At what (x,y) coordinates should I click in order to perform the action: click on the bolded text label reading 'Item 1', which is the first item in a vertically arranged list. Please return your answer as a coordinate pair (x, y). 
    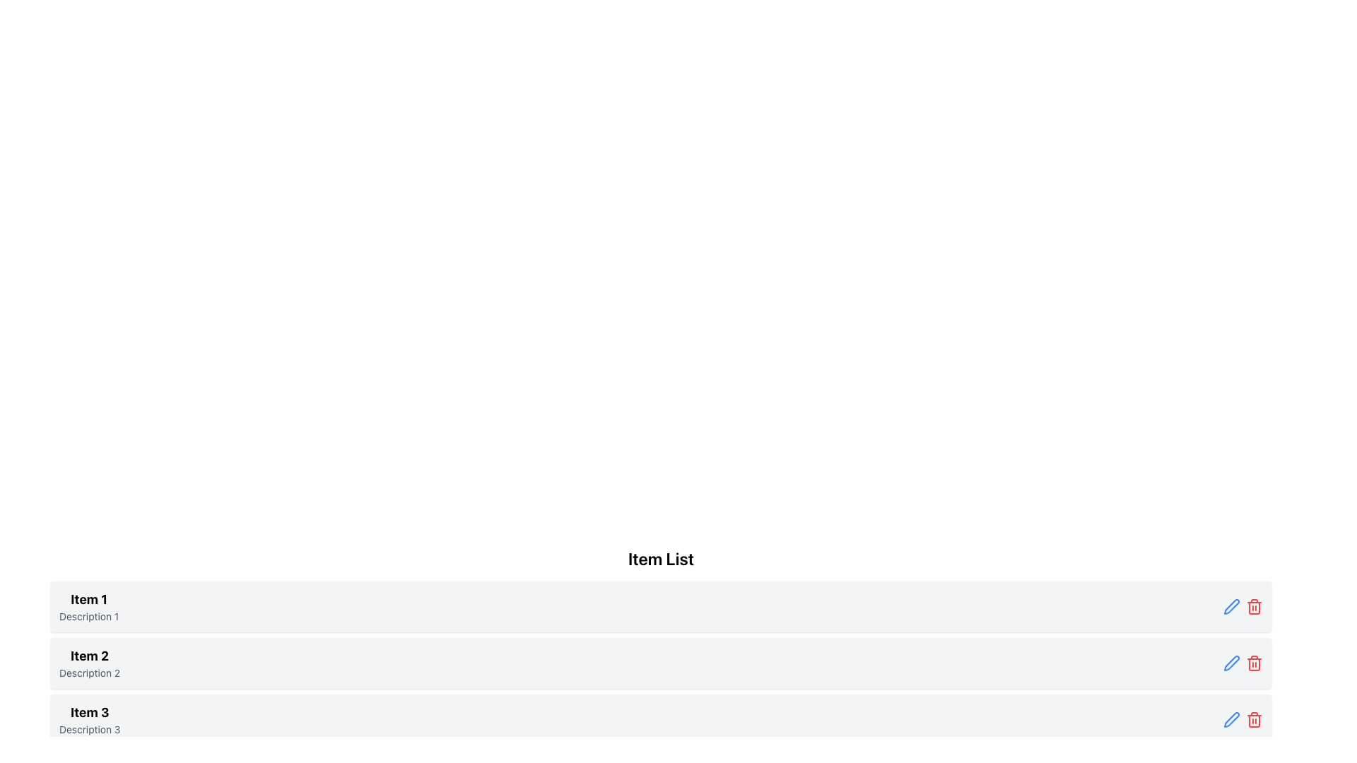
    Looking at the image, I should click on (88, 599).